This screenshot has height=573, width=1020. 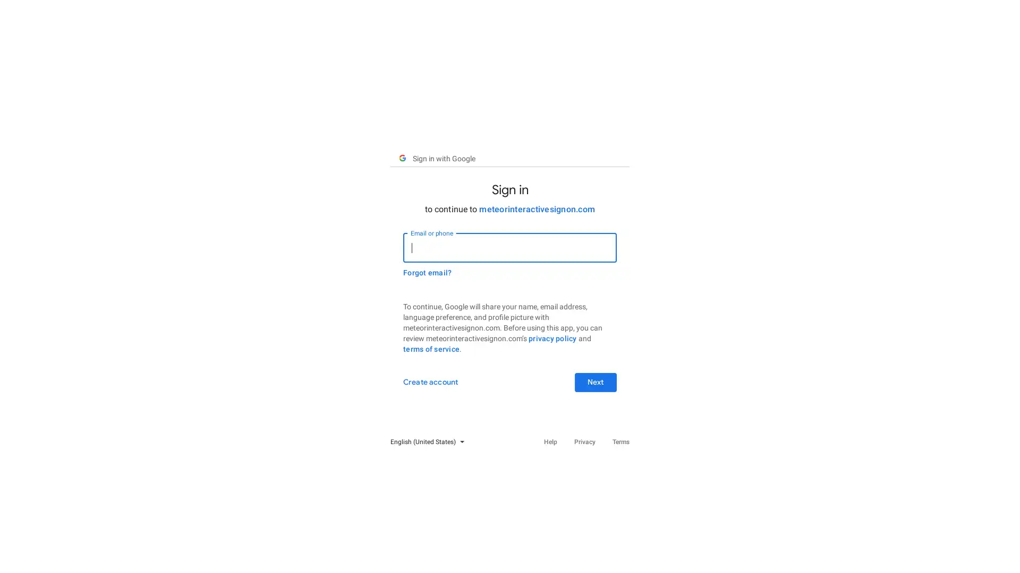 I want to click on Next, so click(x=586, y=388).